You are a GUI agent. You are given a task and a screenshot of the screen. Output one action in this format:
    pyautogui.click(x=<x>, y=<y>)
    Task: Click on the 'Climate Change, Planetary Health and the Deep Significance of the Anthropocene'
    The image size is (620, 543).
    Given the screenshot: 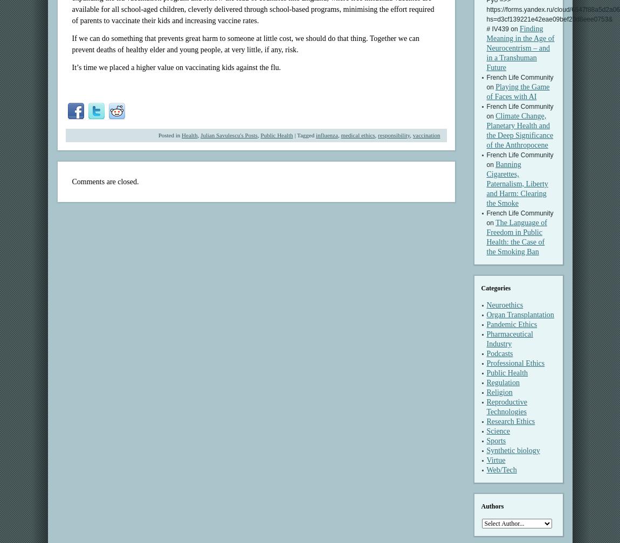 What is the action you would take?
    pyautogui.click(x=520, y=130)
    